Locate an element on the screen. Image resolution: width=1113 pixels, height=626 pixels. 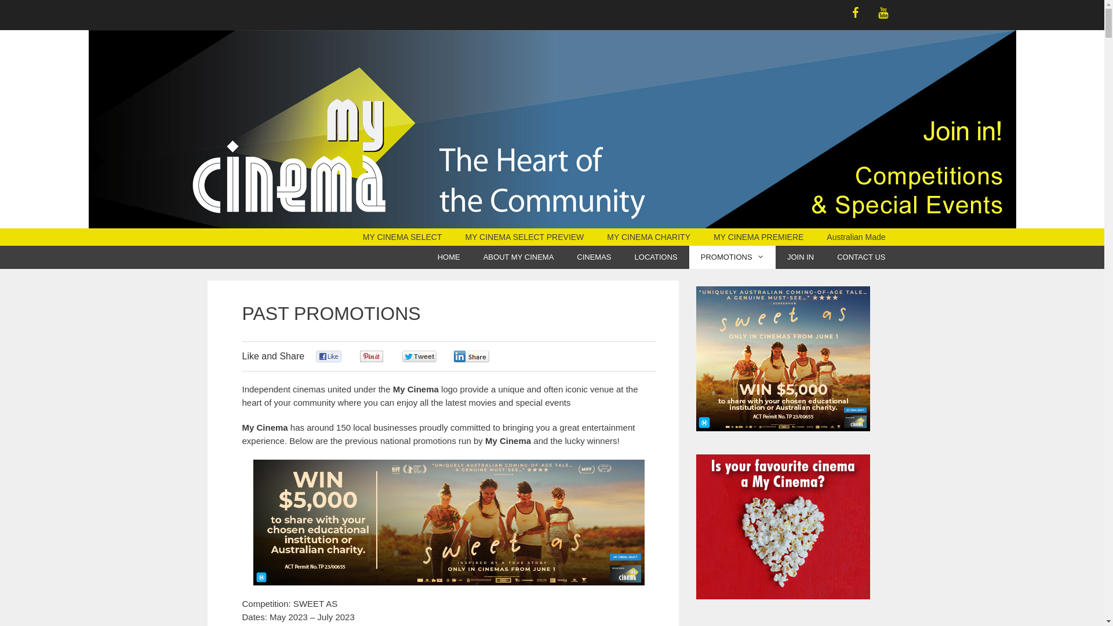
'ABOUT MY CINEMA' is located at coordinates (518, 256).